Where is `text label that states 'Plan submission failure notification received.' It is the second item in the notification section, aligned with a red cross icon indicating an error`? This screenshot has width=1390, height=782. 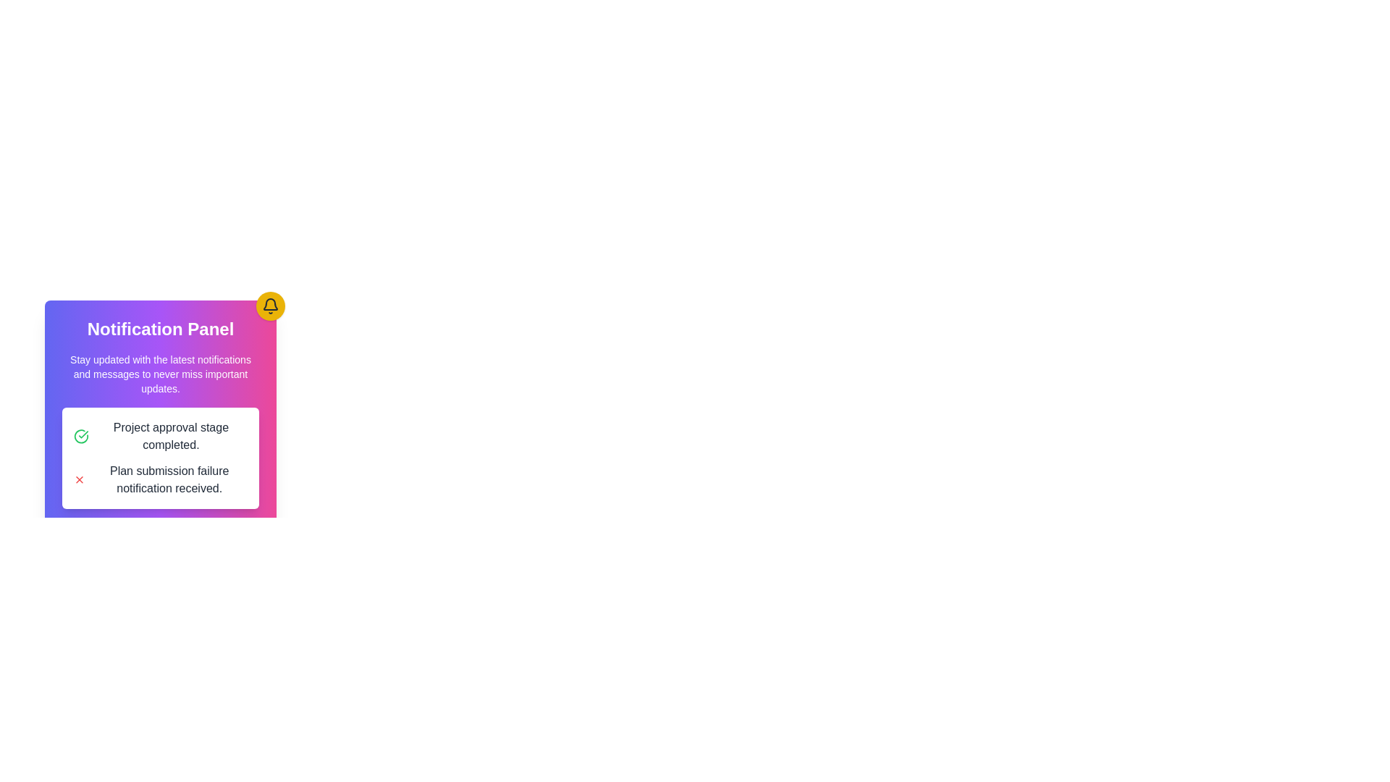 text label that states 'Plan submission failure notification received.' It is the second item in the notification section, aligned with a red cross icon indicating an error is located at coordinates (169, 480).